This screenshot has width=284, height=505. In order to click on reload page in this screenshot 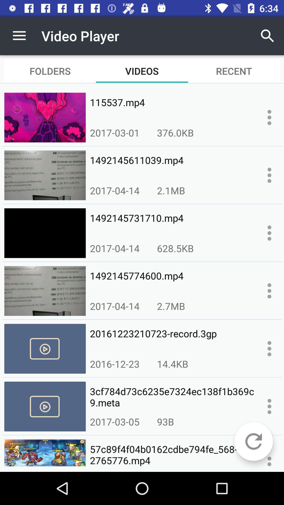, I will do `click(253, 441)`.